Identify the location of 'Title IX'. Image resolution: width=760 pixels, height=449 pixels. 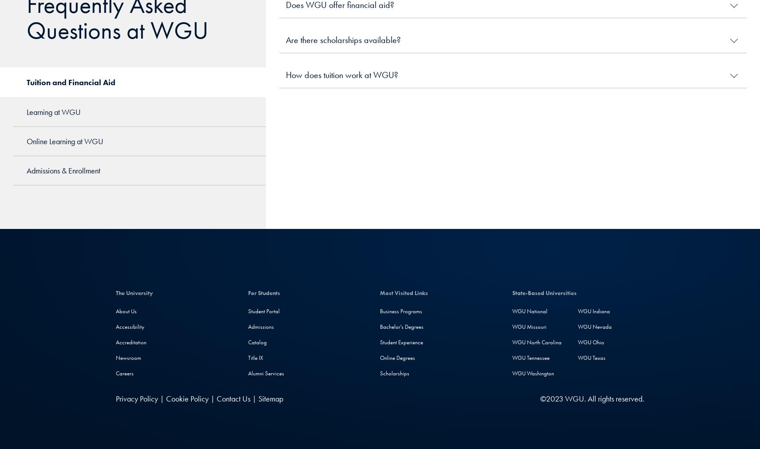
(255, 357).